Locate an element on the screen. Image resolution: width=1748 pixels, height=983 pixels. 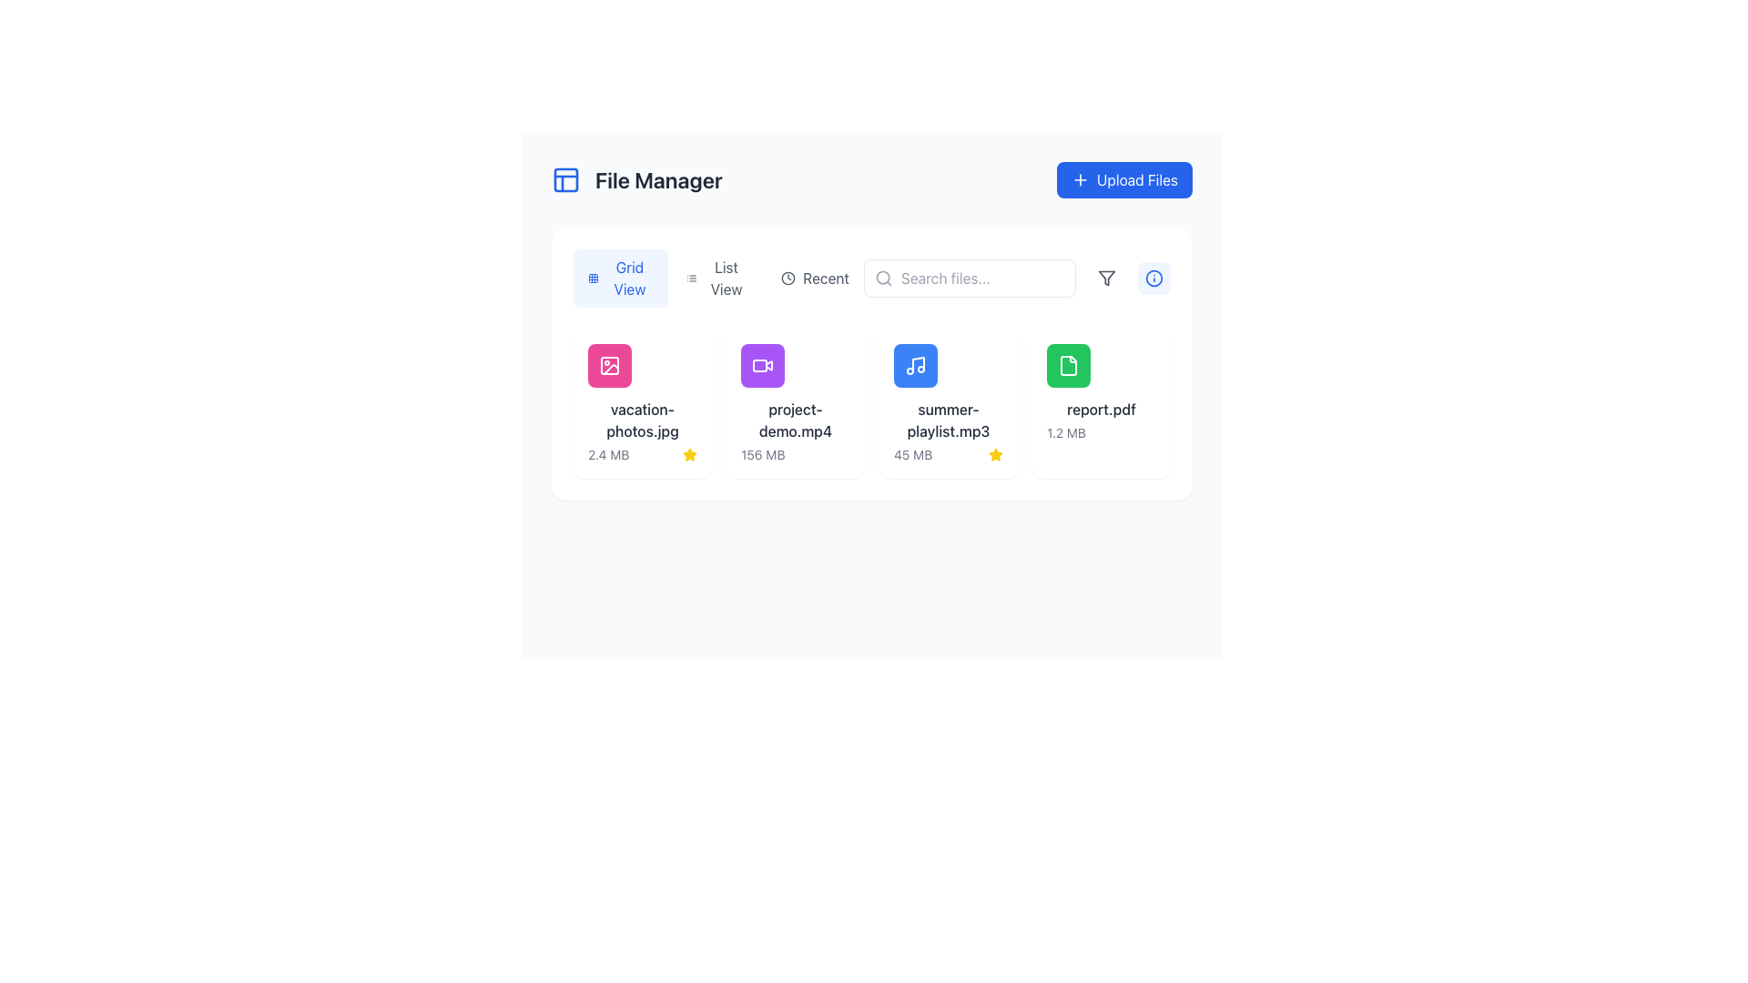
the 'File Manager' icon located to the immediate left of the 'File Manager' text in the header by clicking on it is located at coordinates (565, 179).